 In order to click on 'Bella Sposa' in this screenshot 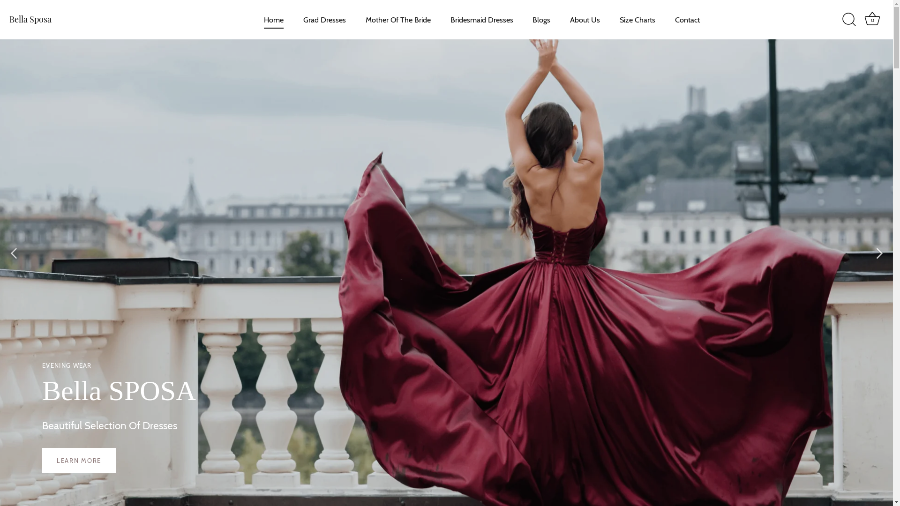, I will do `click(9, 19)`.